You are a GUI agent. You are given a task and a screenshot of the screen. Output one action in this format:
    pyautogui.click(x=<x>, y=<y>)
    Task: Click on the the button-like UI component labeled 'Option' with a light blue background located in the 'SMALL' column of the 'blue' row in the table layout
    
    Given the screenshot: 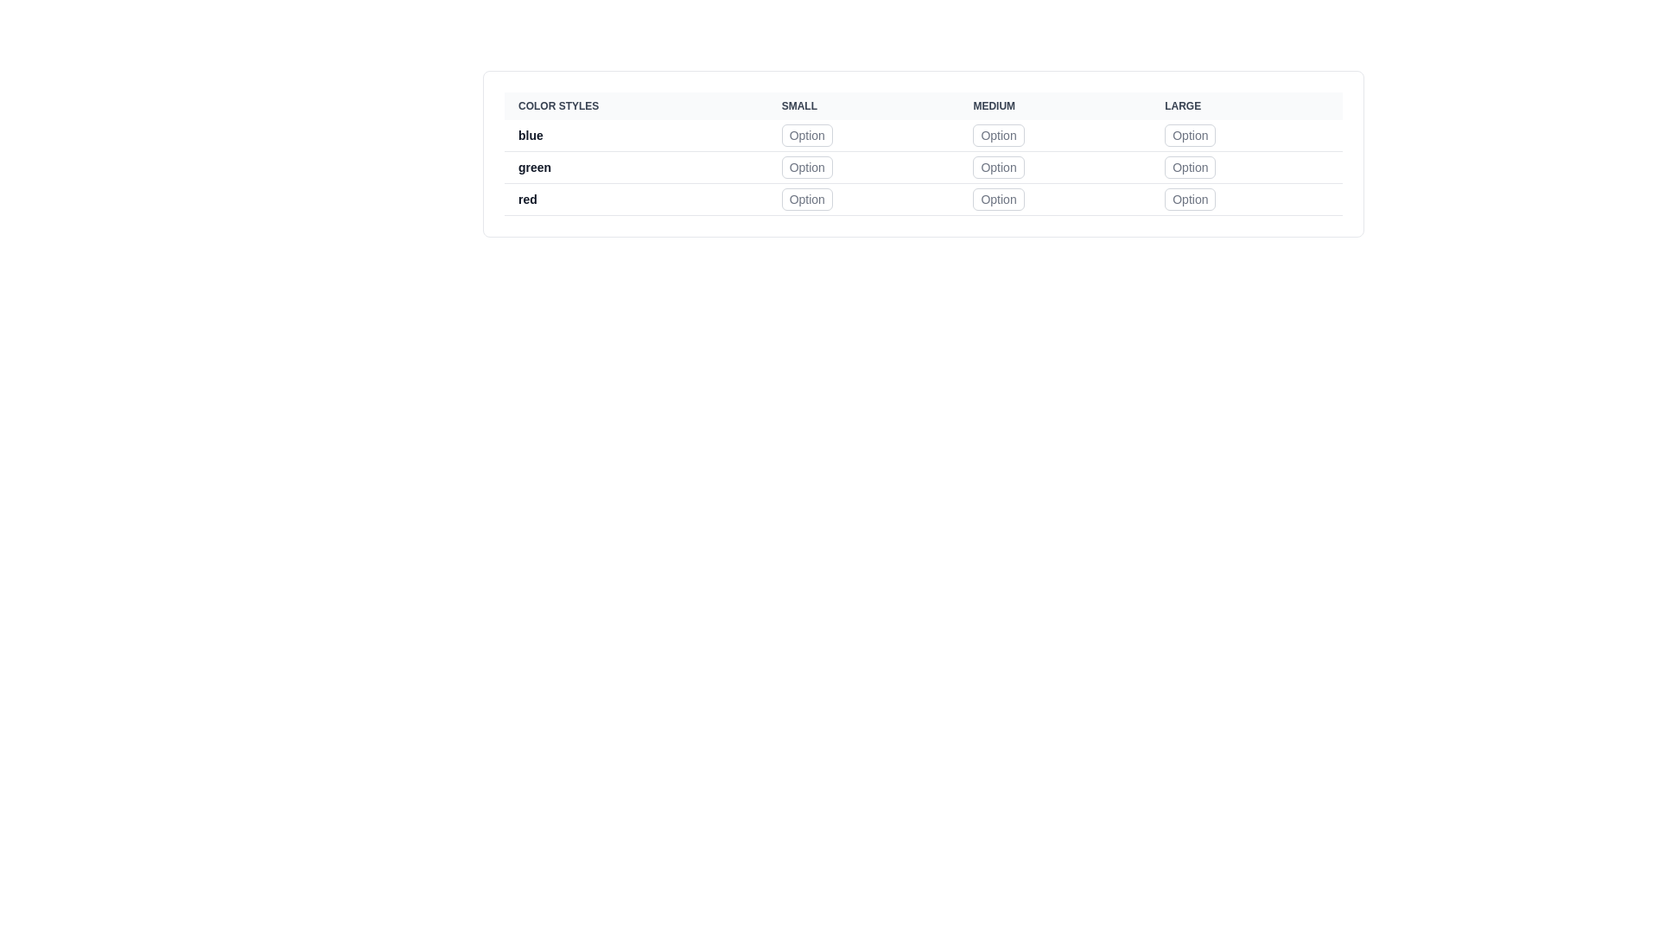 What is the action you would take?
    pyautogui.click(x=863, y=135)
    